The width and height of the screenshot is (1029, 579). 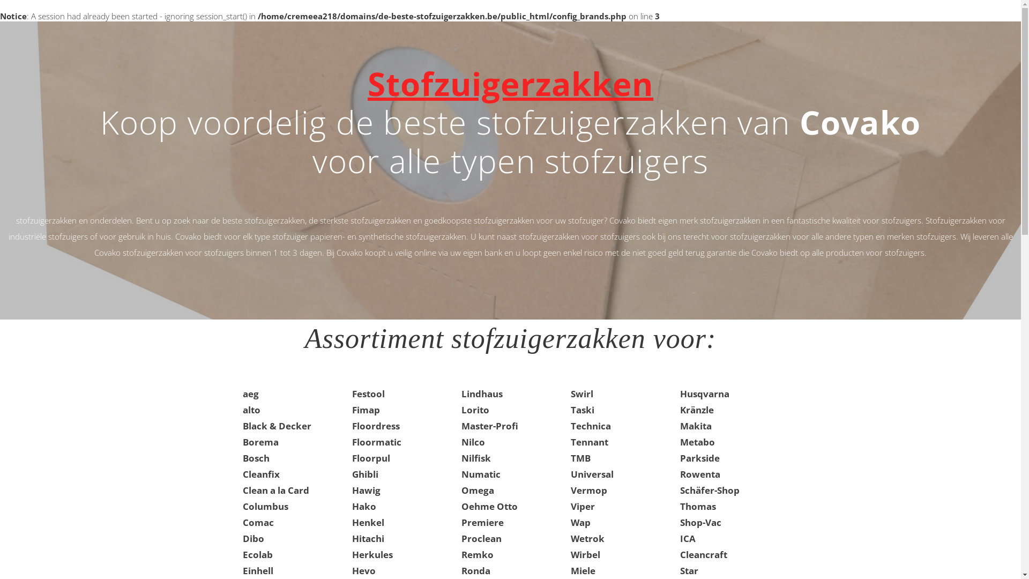 I want to click on 'Bosch', so click(x=255, y=458).